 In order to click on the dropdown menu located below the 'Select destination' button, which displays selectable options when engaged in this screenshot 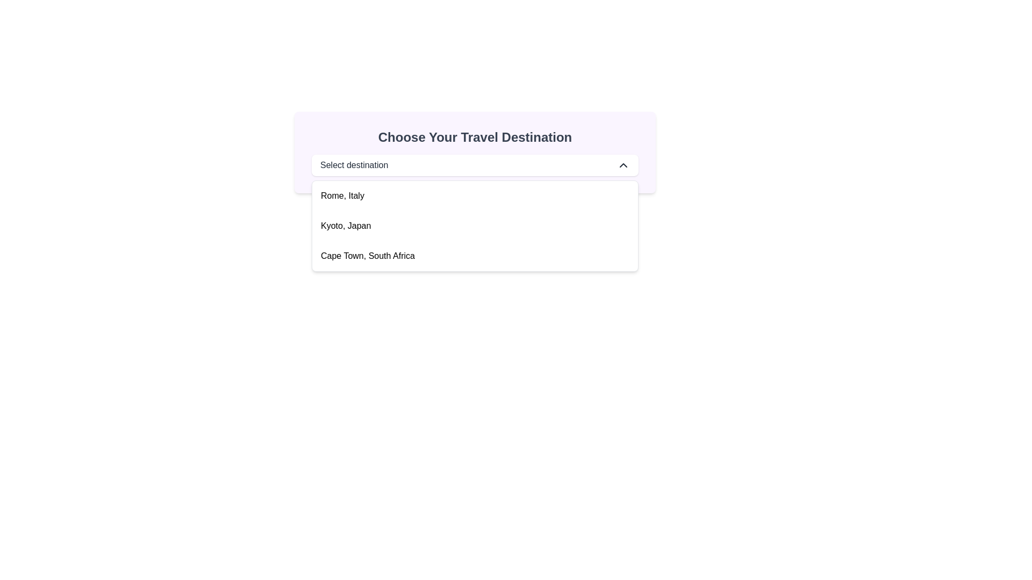, I will do `click(474, 225)`.